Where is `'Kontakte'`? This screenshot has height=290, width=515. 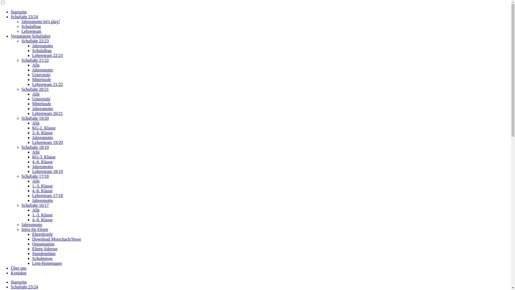 'Kontakte' is located at coordinates (10, 273).